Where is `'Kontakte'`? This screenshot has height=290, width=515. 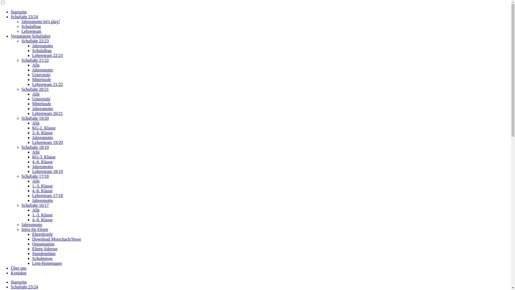 'Kontakte' is located at coordinates (10, 273).